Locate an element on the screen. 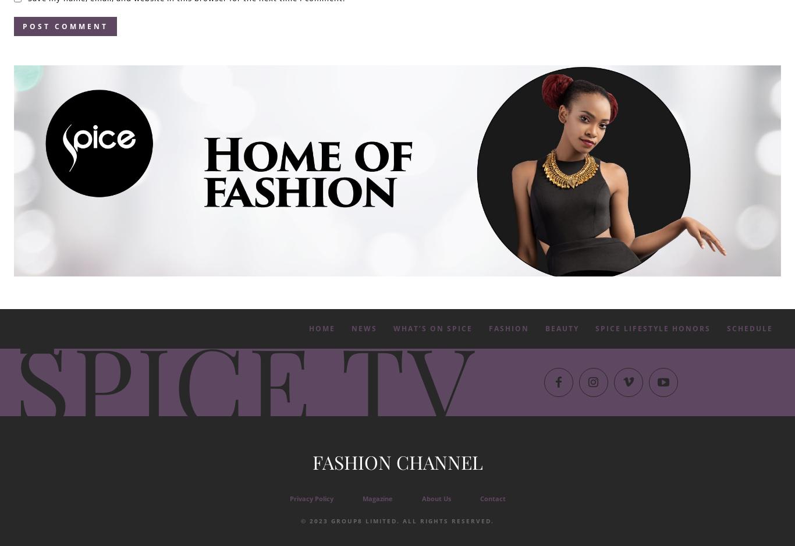 This screenshot has height=546, width=795. 'Beauty' is located at coordinates (562, 328).